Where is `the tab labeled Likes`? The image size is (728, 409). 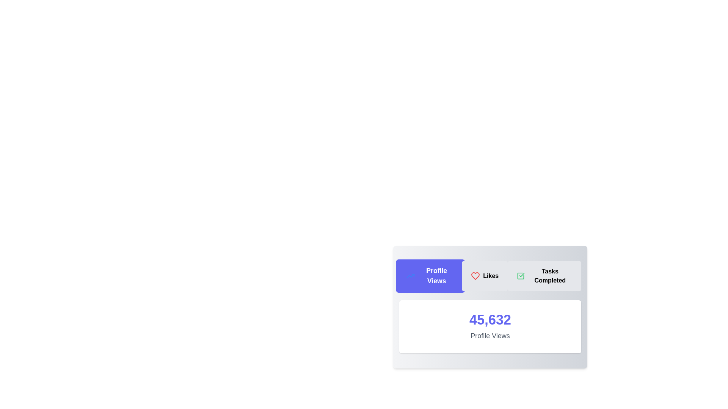
the tab labeled Likes is located at coordinates (484, 276).